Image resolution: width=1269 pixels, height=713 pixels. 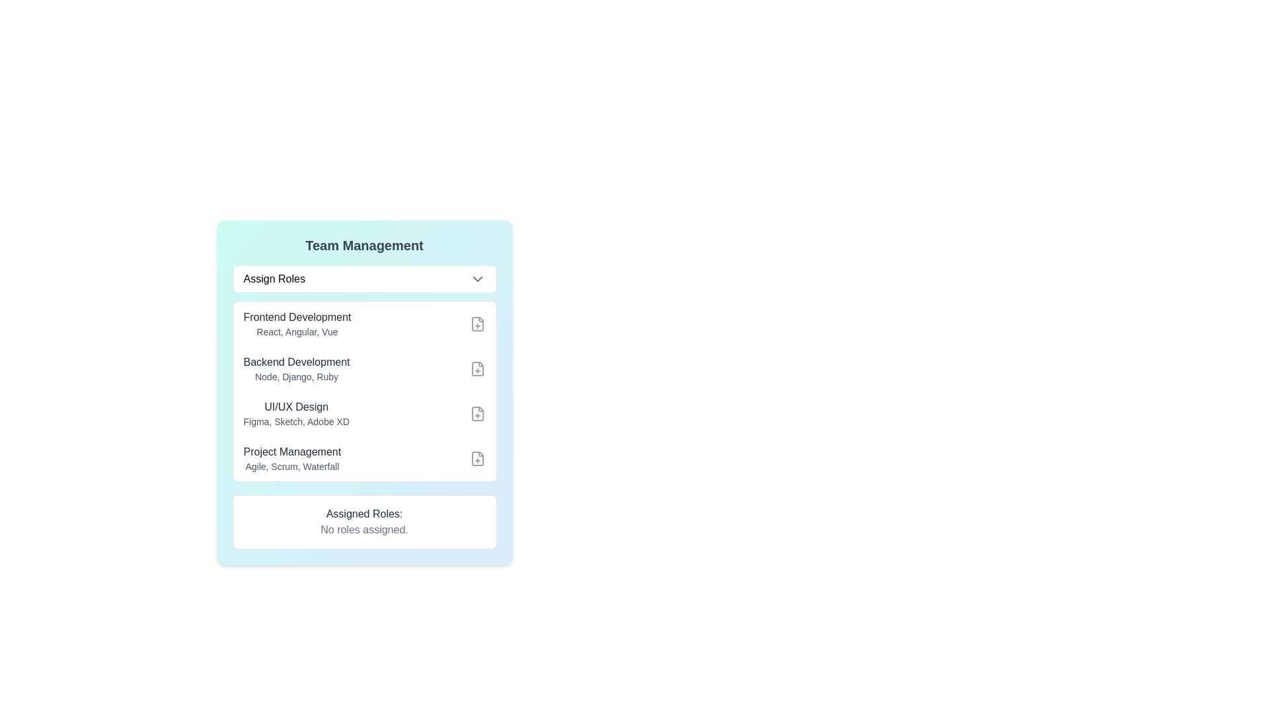 What do you see at coordinates (295, 422) in the screenshot?
I see `the static text element reading 'Figma, Sketch, Adobe XD', which is positioned directly below the heading 'UI/UX Design' in the 'Team Management' section` at bounding box center [295, 422].